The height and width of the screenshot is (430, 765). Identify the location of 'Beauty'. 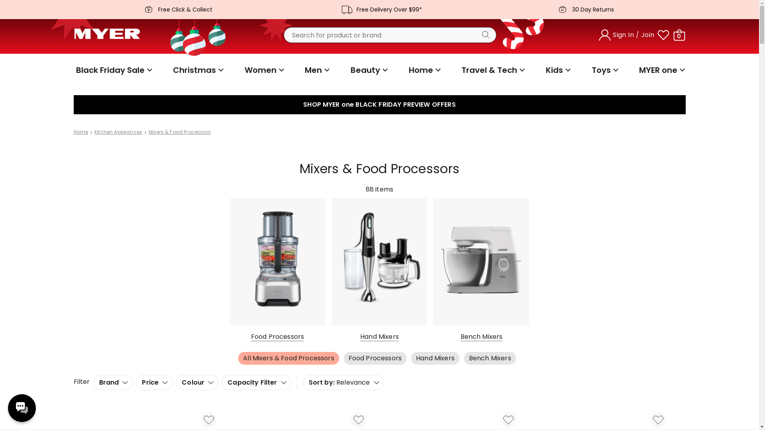
(368, 70).